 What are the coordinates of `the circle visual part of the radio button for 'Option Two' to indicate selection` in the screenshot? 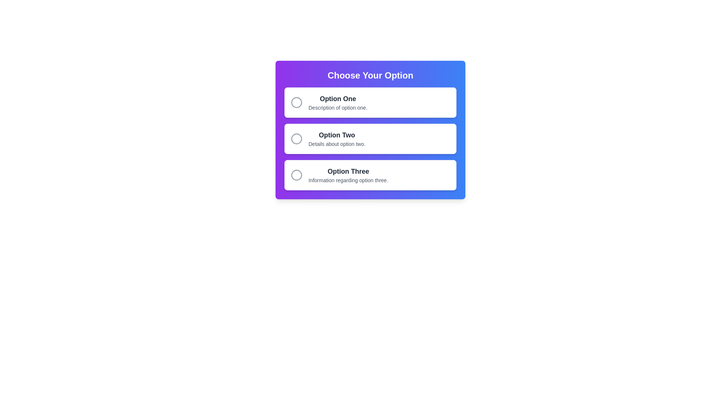 It's located at (297, 139).